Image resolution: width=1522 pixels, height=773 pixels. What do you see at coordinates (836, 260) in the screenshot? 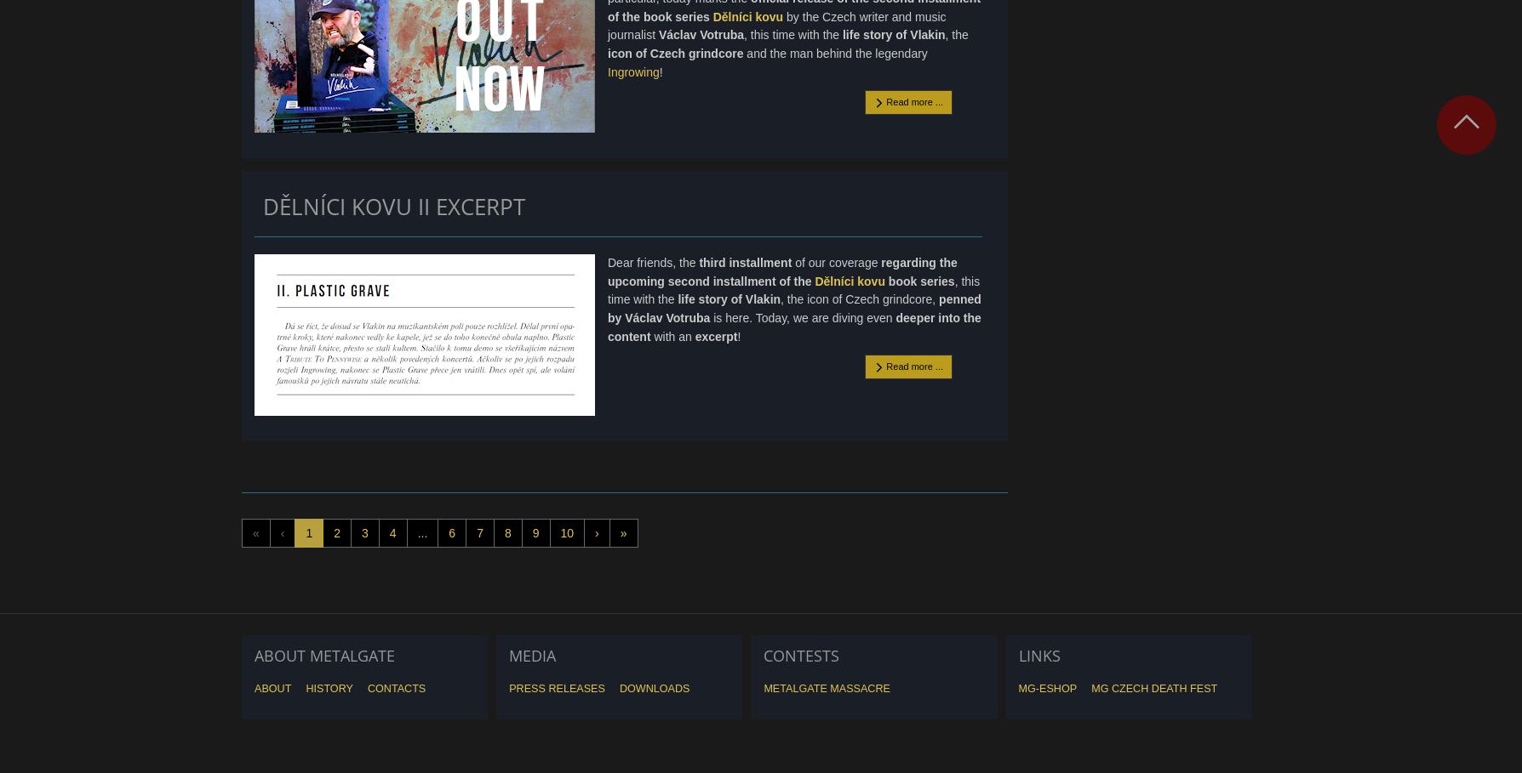
I see `'of our coverage'` at bounding box center [836, 260].